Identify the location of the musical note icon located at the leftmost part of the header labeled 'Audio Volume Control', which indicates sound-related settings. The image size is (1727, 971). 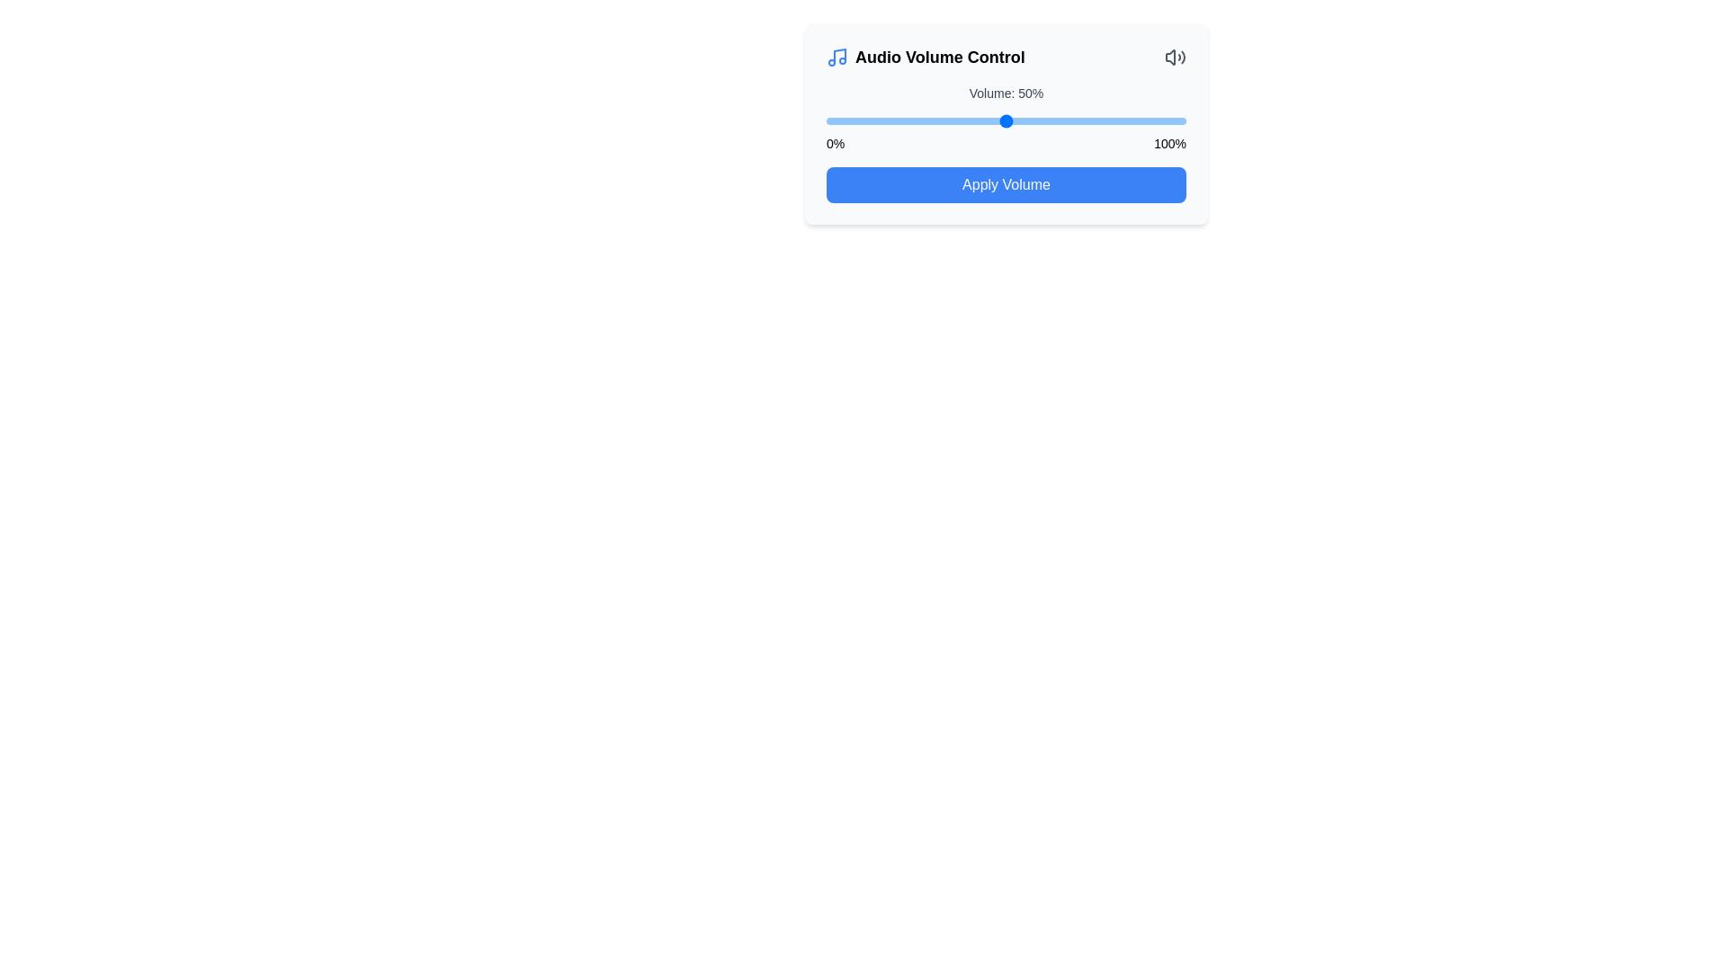
(837, 57).